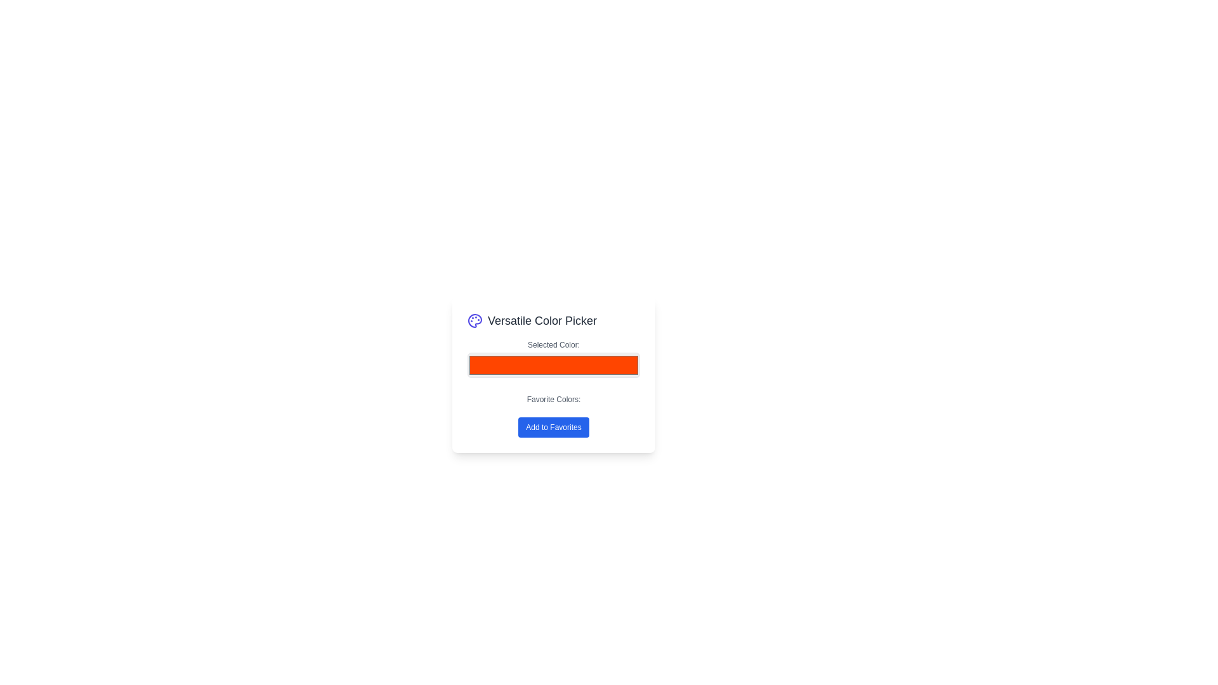  I want to click on the descriptive text label positioned at the top-center of the interface above the color selection box, so click(554, 344).